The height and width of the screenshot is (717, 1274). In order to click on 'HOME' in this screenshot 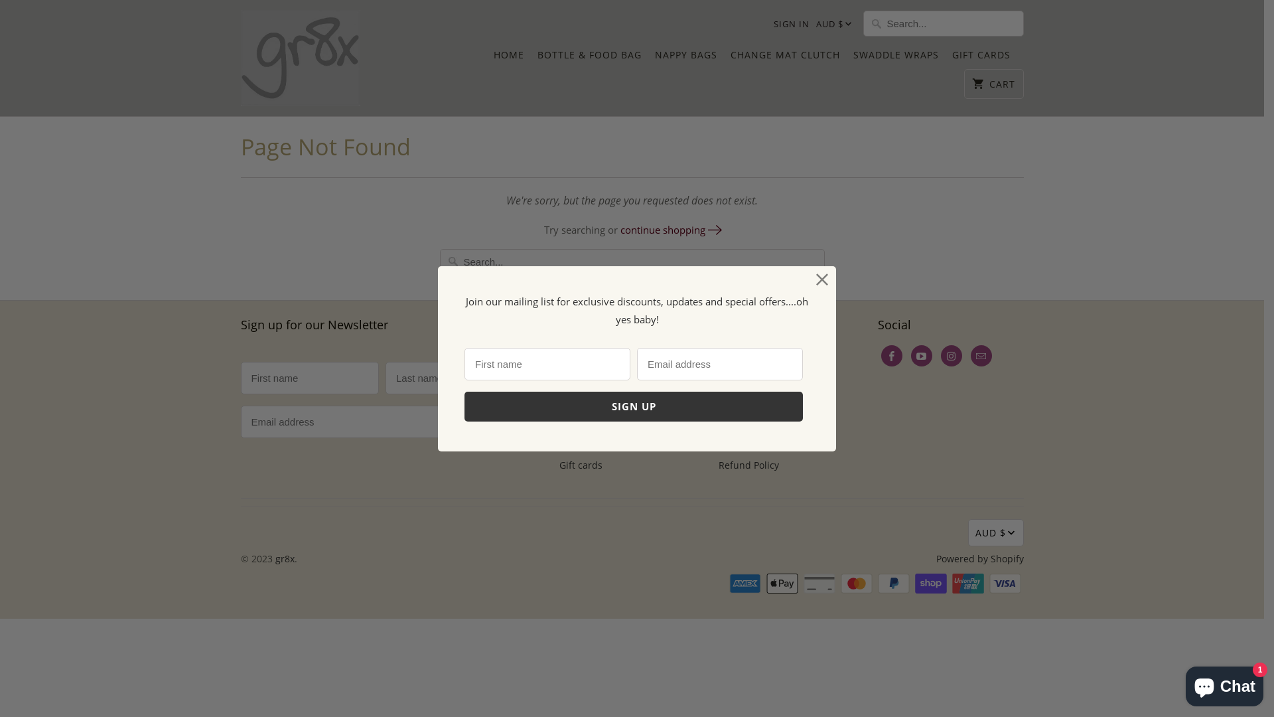, I will do `click(508, 58)`.